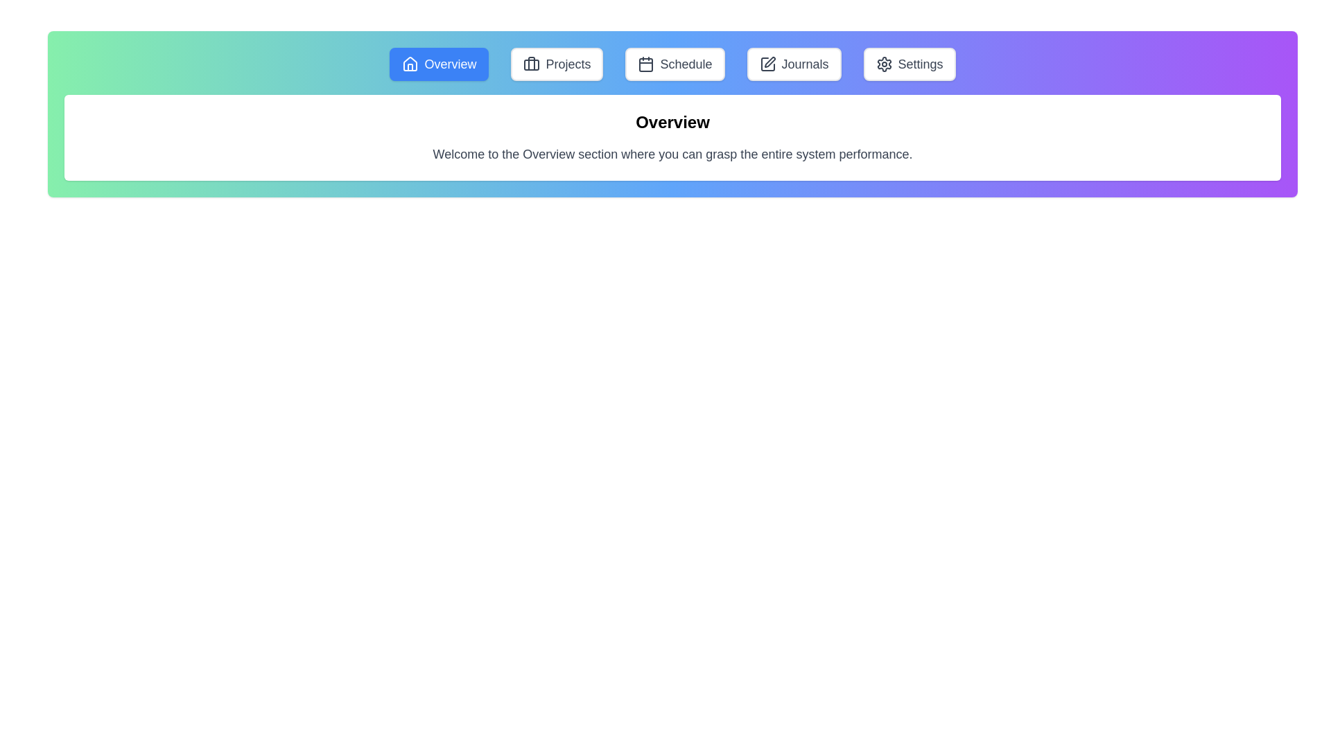 The height and width of the screenshot is (748, 1331). I want to click on the cogwheel icon located at the top-right corner of the interface, which serves as the settings button, so click(883, 64).